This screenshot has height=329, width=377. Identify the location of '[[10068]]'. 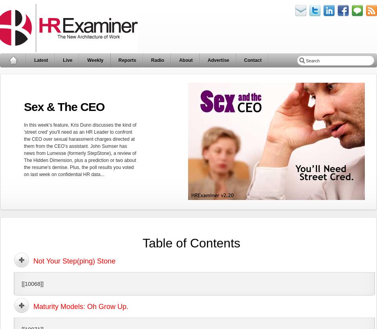
(33, 283).